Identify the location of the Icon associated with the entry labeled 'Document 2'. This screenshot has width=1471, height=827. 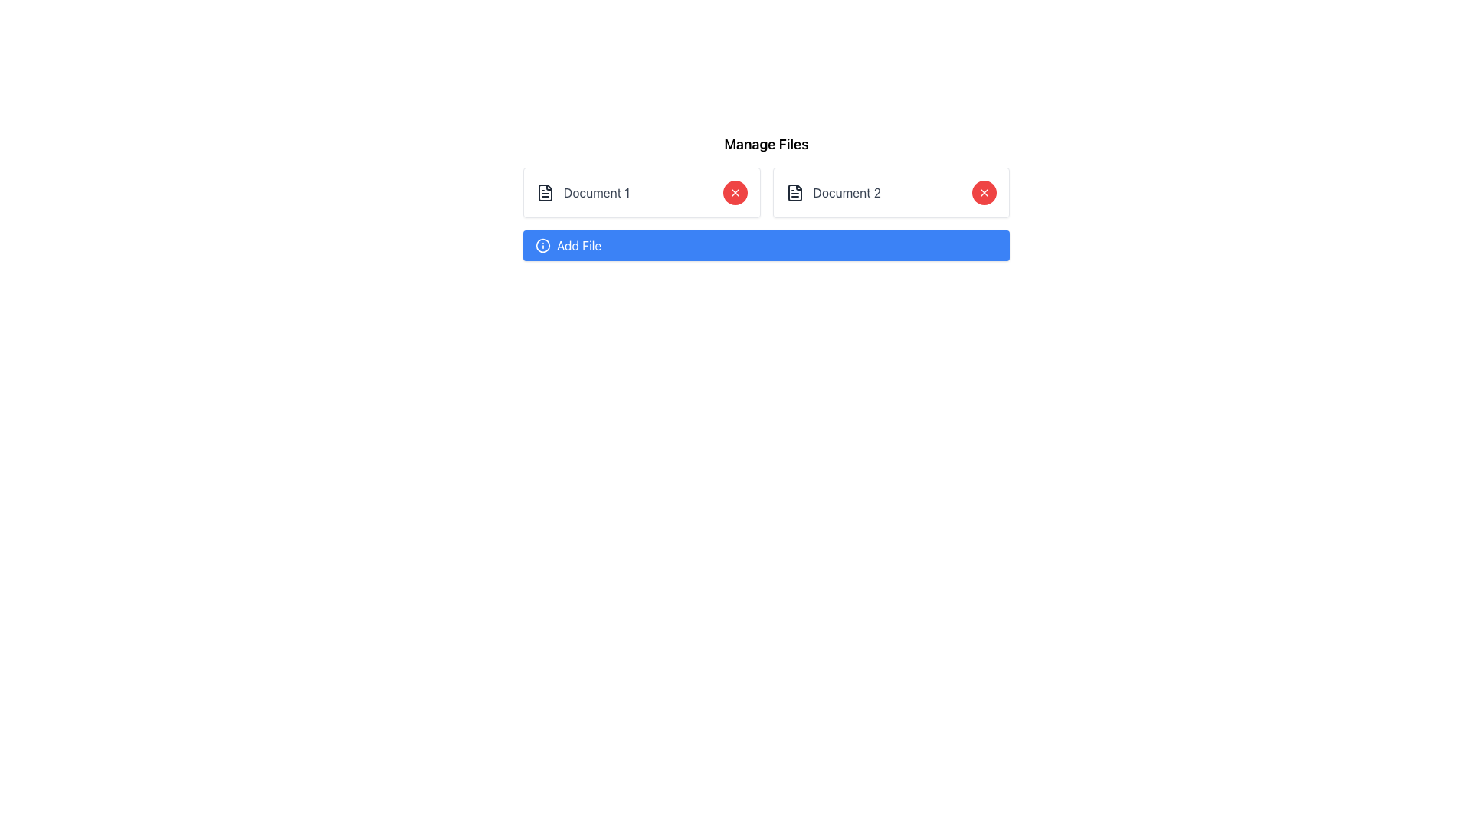
(794, 191).